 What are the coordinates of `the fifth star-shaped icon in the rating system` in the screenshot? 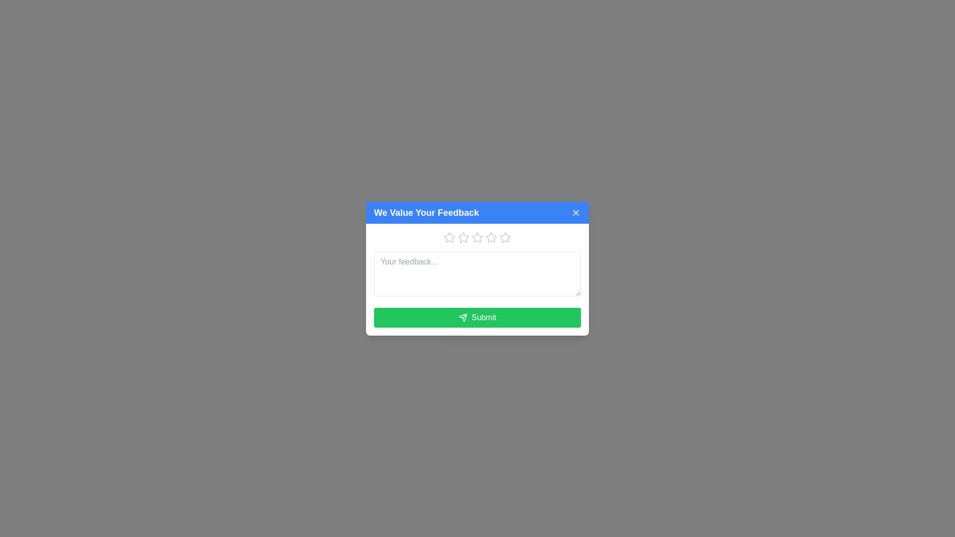 It's located at (505, 237).